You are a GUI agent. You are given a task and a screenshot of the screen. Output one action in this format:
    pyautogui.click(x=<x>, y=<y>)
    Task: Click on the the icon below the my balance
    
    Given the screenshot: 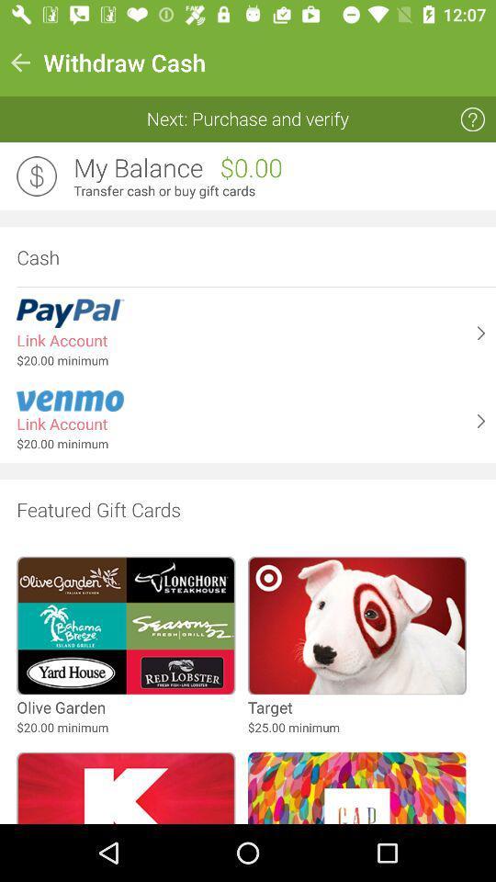 What is the action you would take?
    pyautogui.click(x=278, y=191)
    